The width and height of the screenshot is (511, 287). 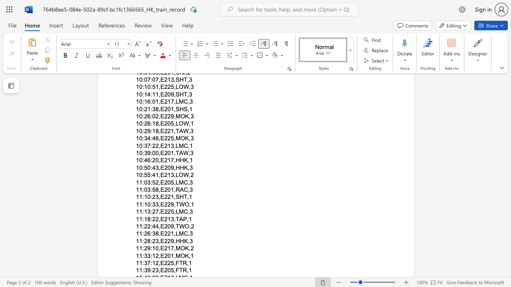 What do you see at coordinates (173, 226) in the screenshot?
I see `the subset text ",TW" within the text "11:22:44,E209,TWO,2"` at bounding box center [173, 226].